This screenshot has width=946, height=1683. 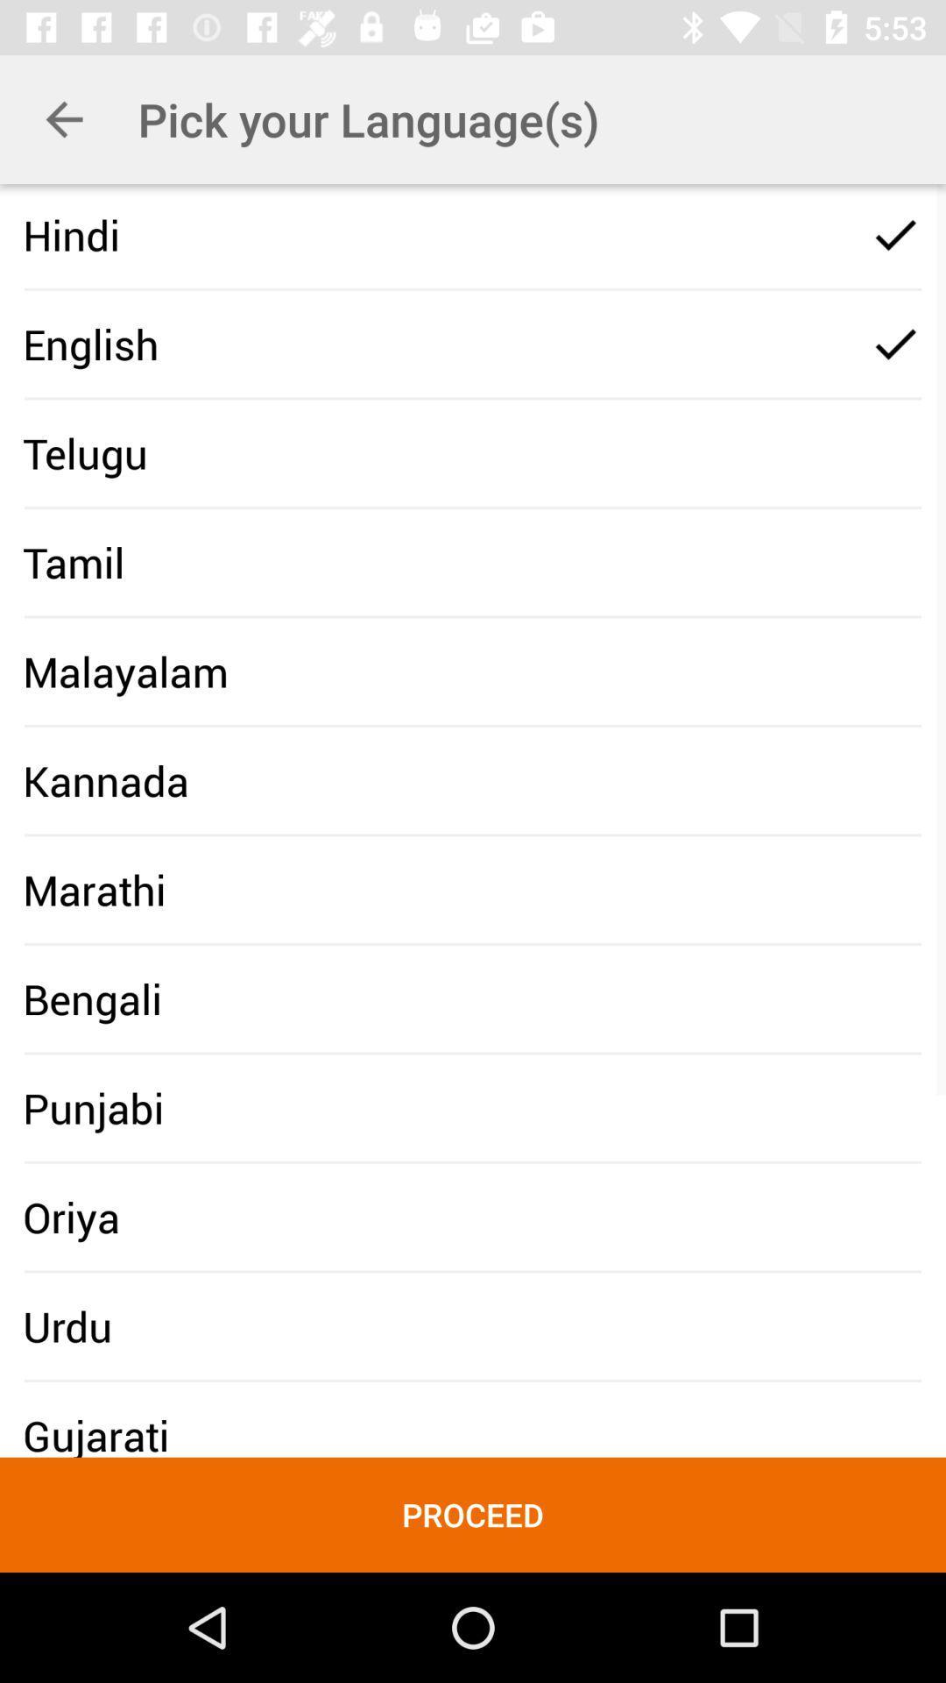 What do you see at coordinates (124, 671) in the screenshot?
I see `malayalam` at bounding box center [124, 671].